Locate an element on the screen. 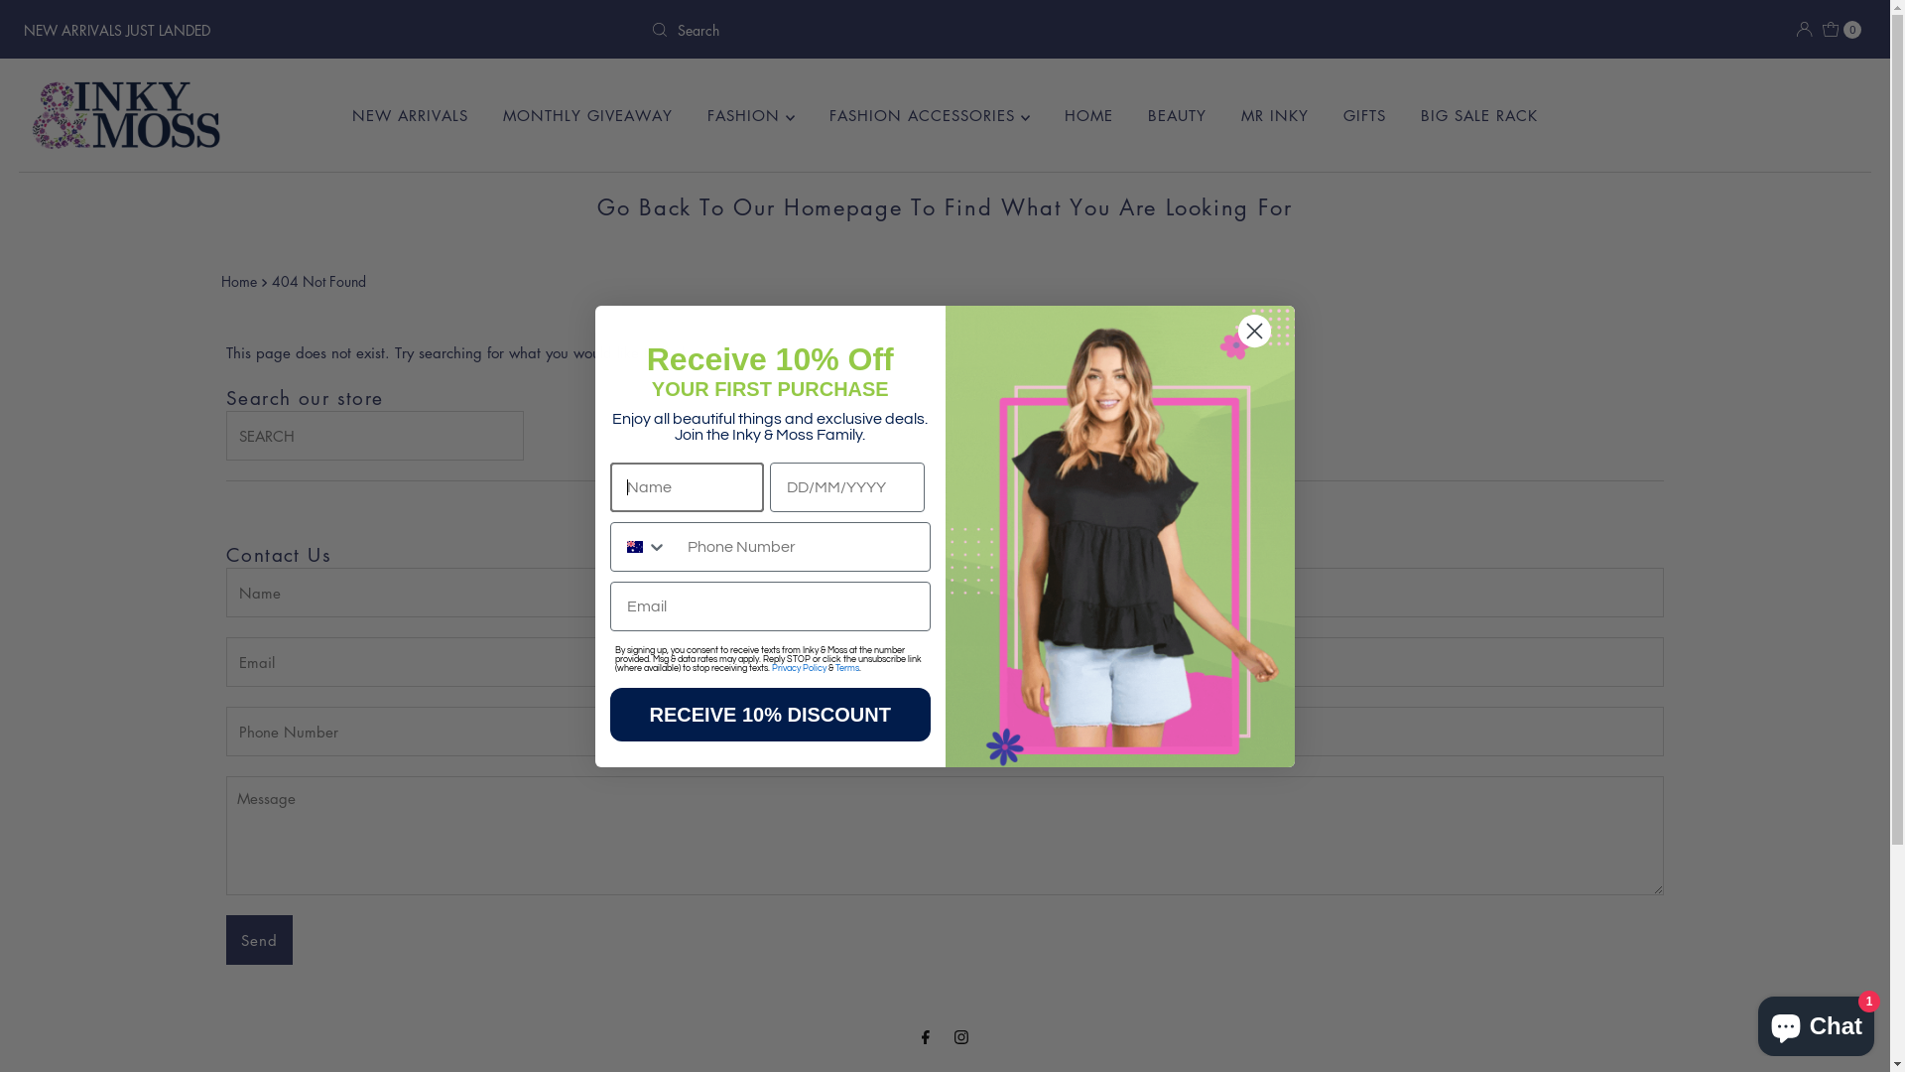 The width and height of the screenshot is (1905, 1072). 'Search our store' is located at coordinates (375, 435).